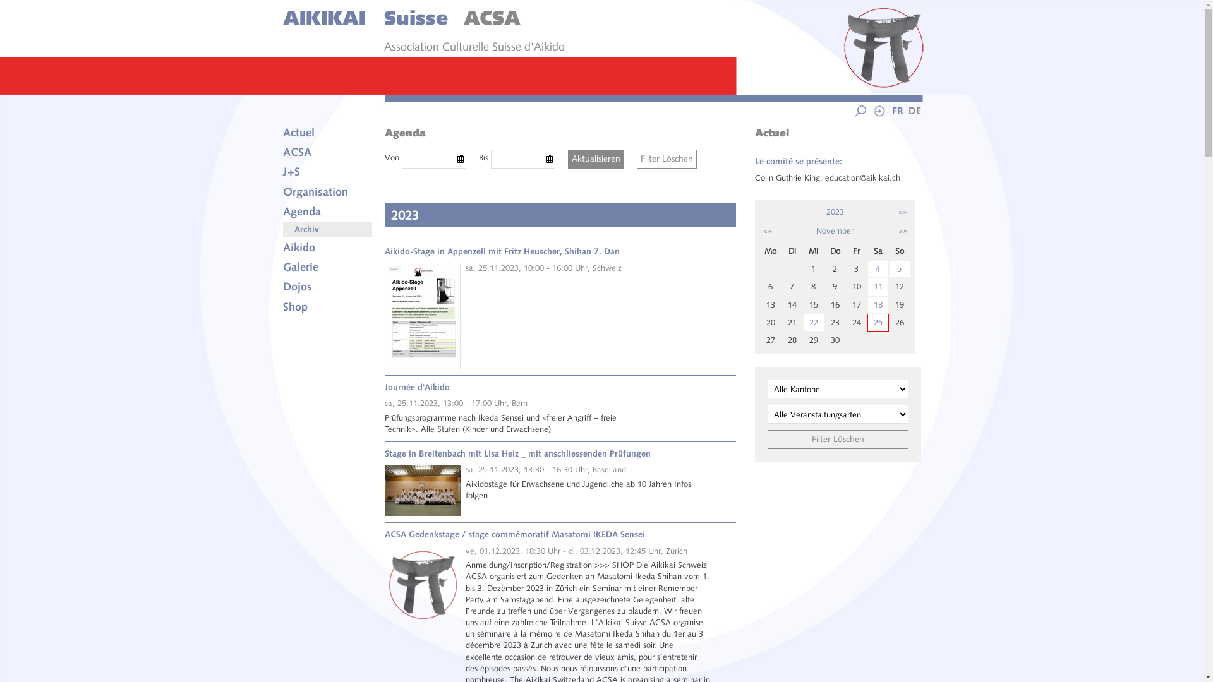  I want to click on 'DE', so click(912, 111).